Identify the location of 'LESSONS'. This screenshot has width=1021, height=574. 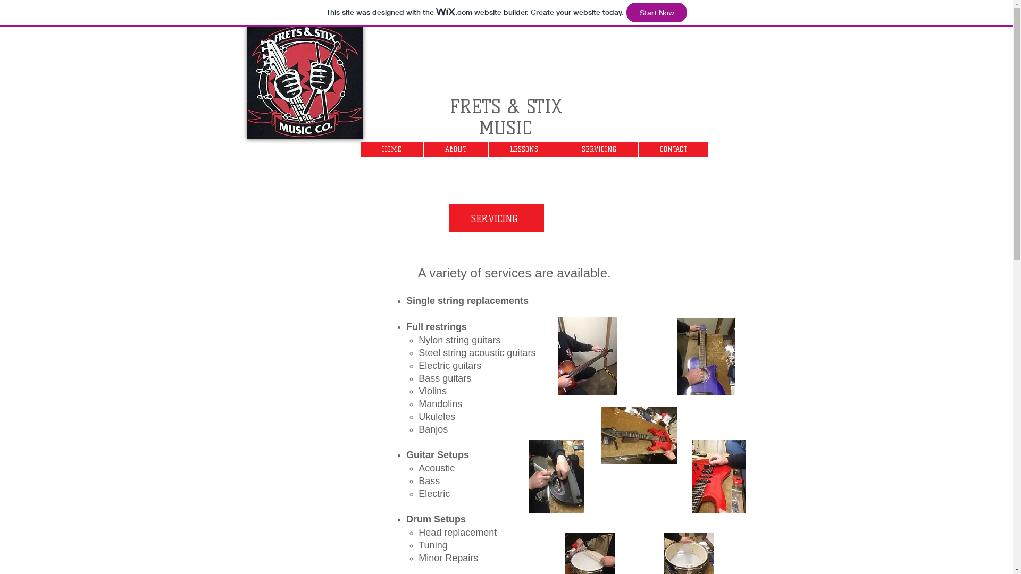
(524, 149).